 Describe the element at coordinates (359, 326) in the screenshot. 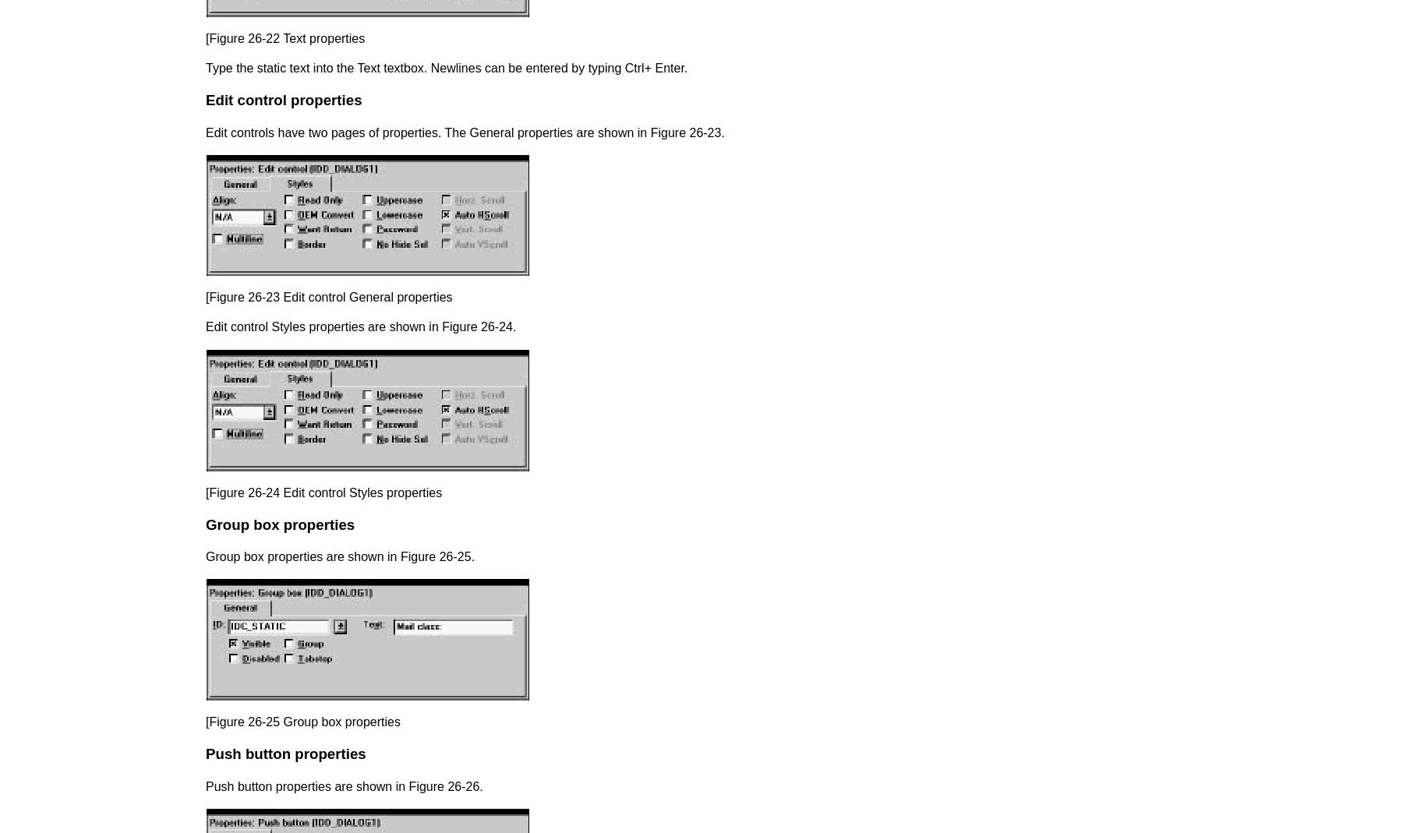

I see `'Edit control Styles properties are shown in Figure 26-24.'` at that location.